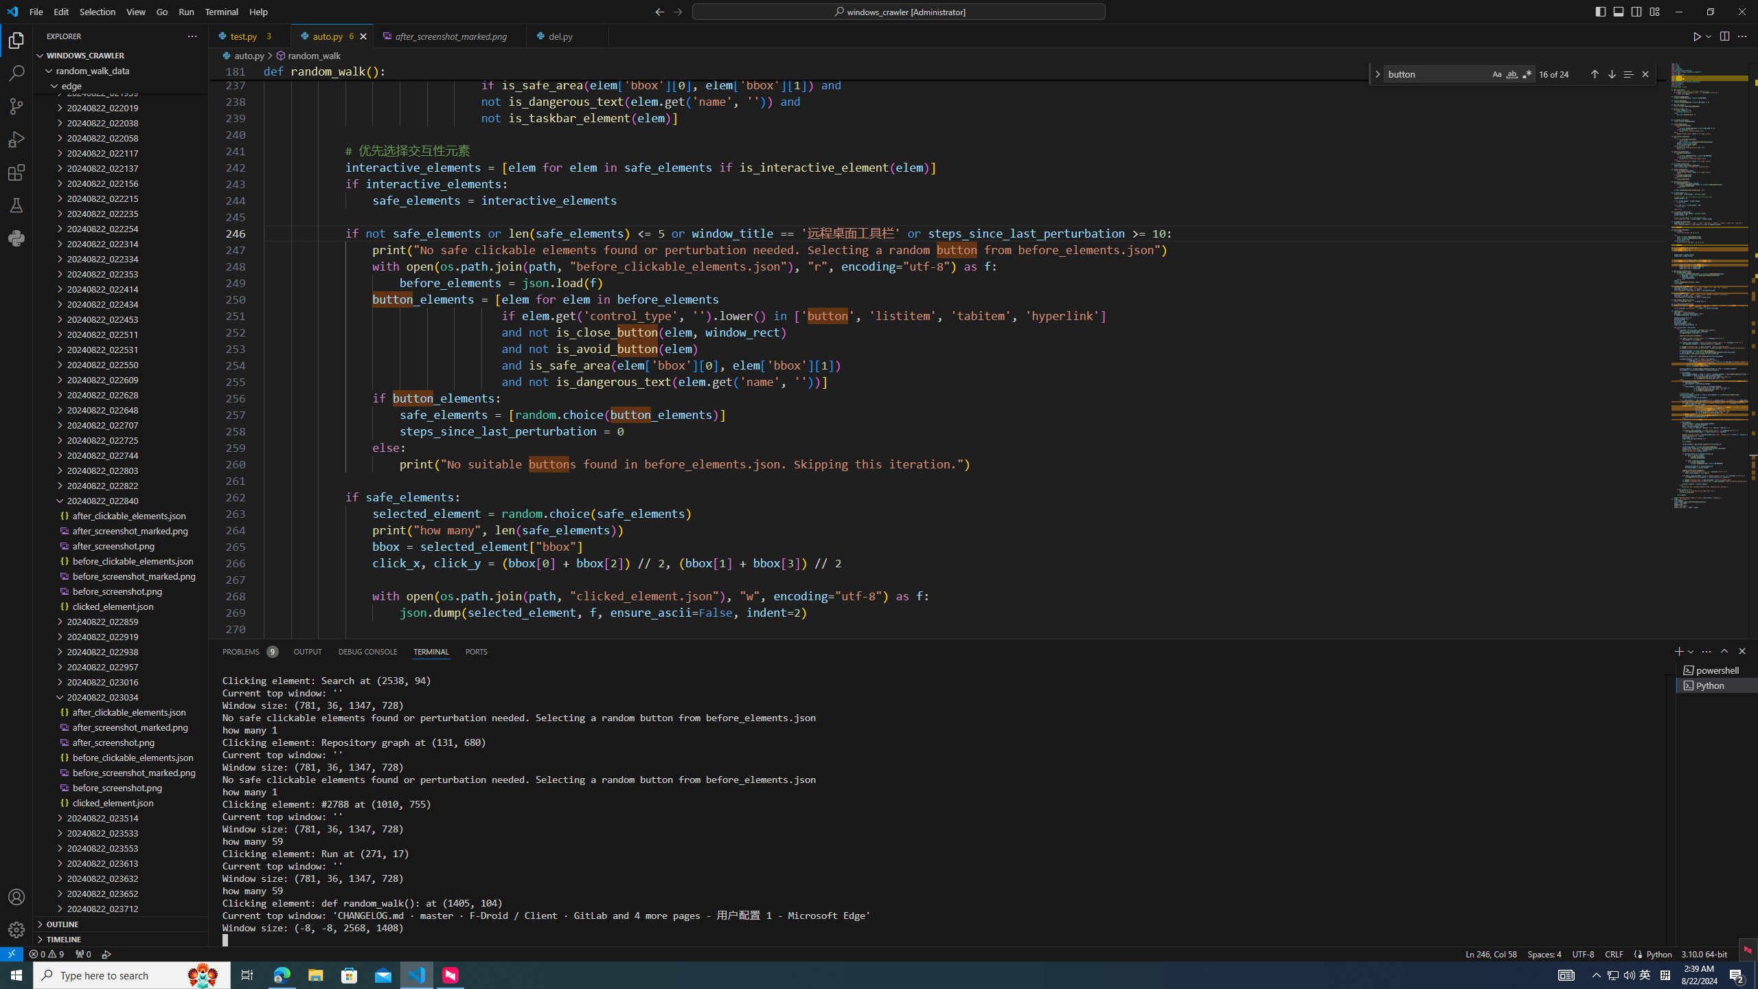  What do you see at coordinates (1645, 73) in the screenshot?
I see `'Close (Escape)'` at bounding box center [1645, 73].